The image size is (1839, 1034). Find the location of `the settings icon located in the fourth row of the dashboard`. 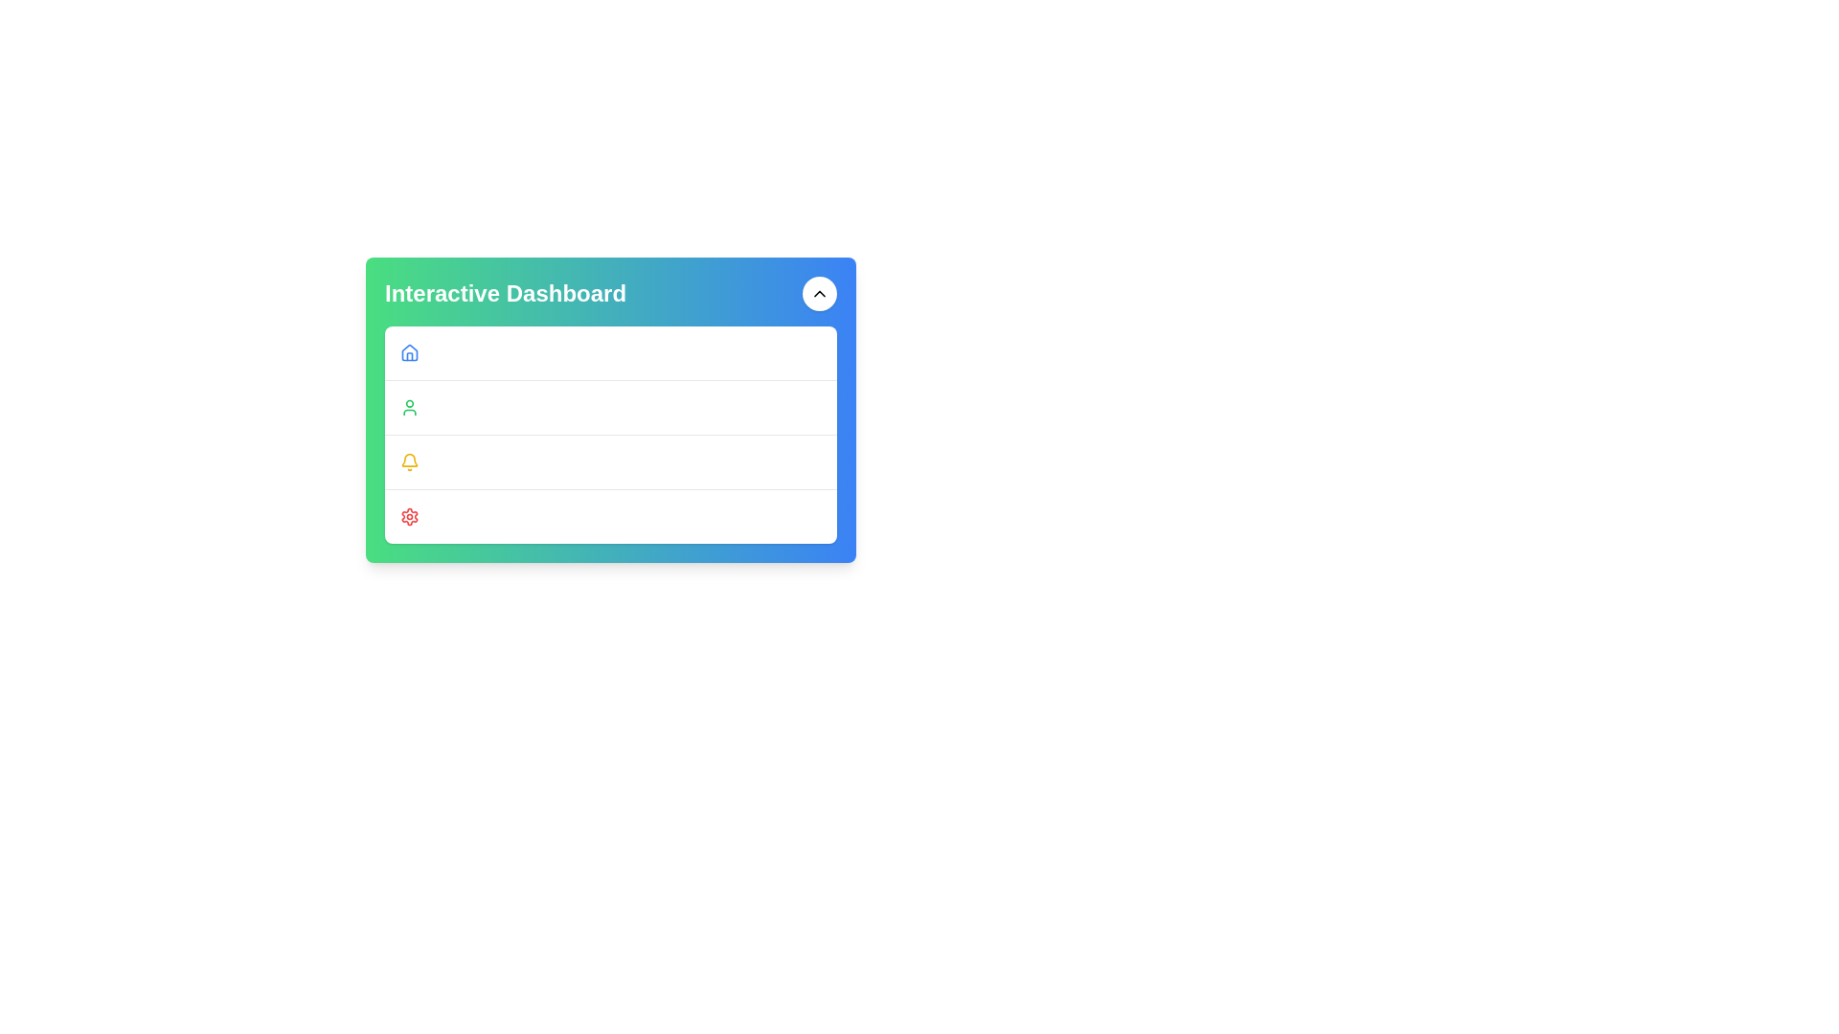

the settings icon located in the fourth row of the dashboard is located at coordinates (408, 517).